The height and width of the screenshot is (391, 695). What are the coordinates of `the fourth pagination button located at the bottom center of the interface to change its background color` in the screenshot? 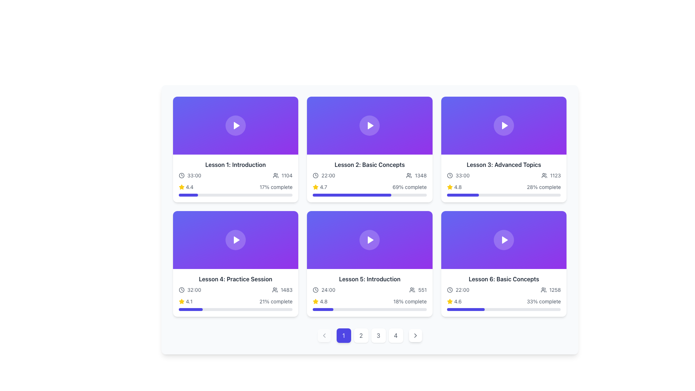 It's located at (395, 335).